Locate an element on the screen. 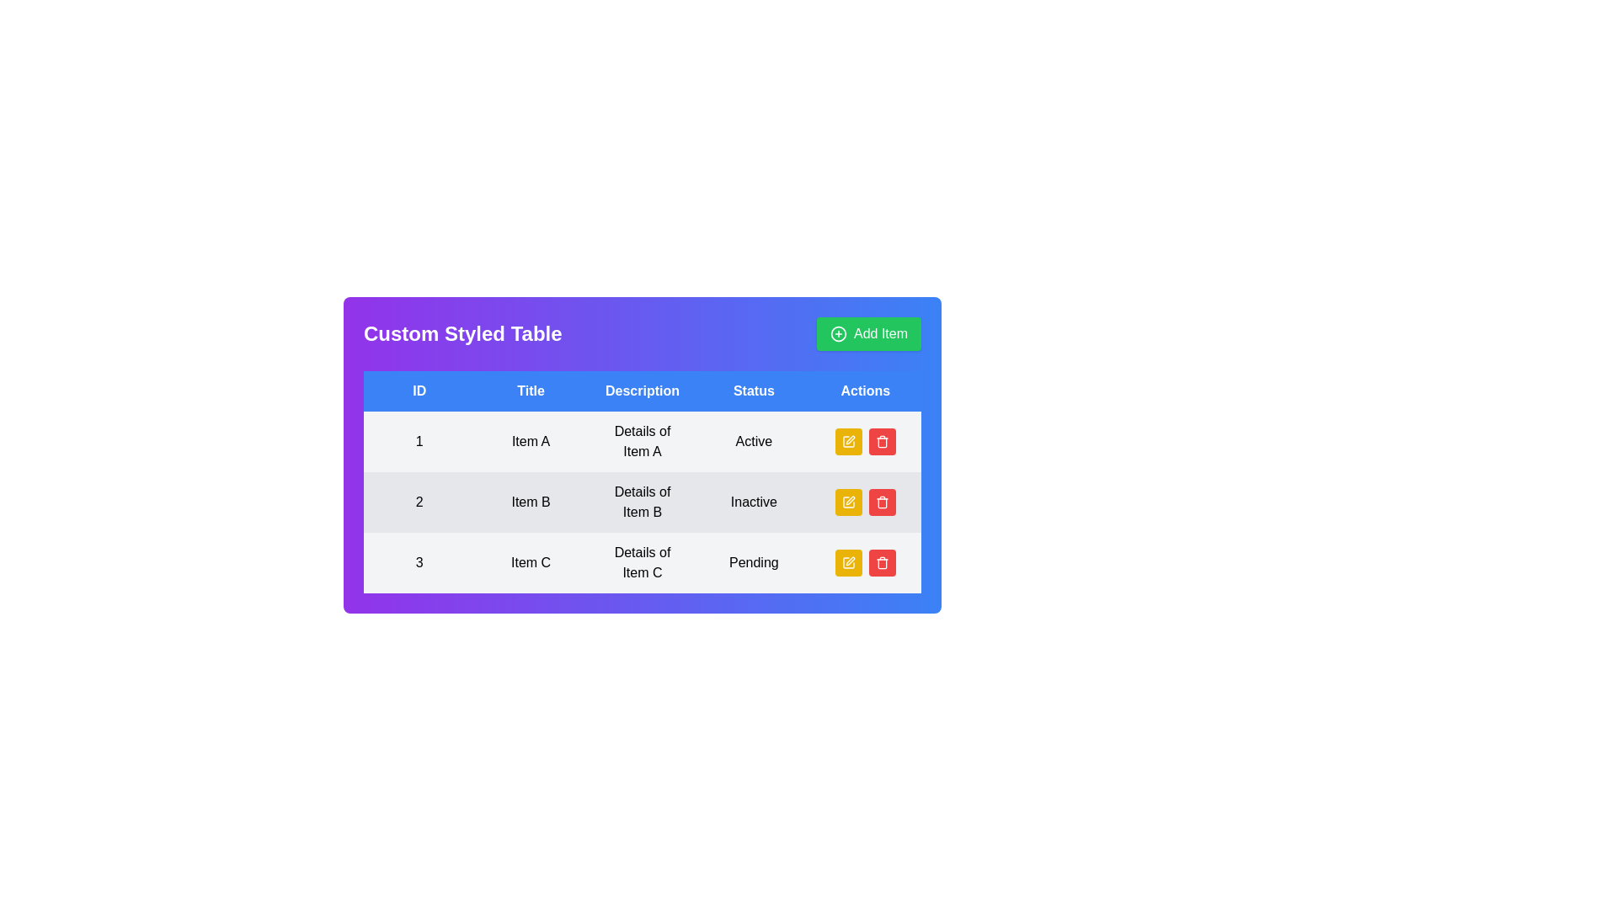  the button located in the top-right corner of the 'Custom Styled Table' header is located at coordinates (869, 334).